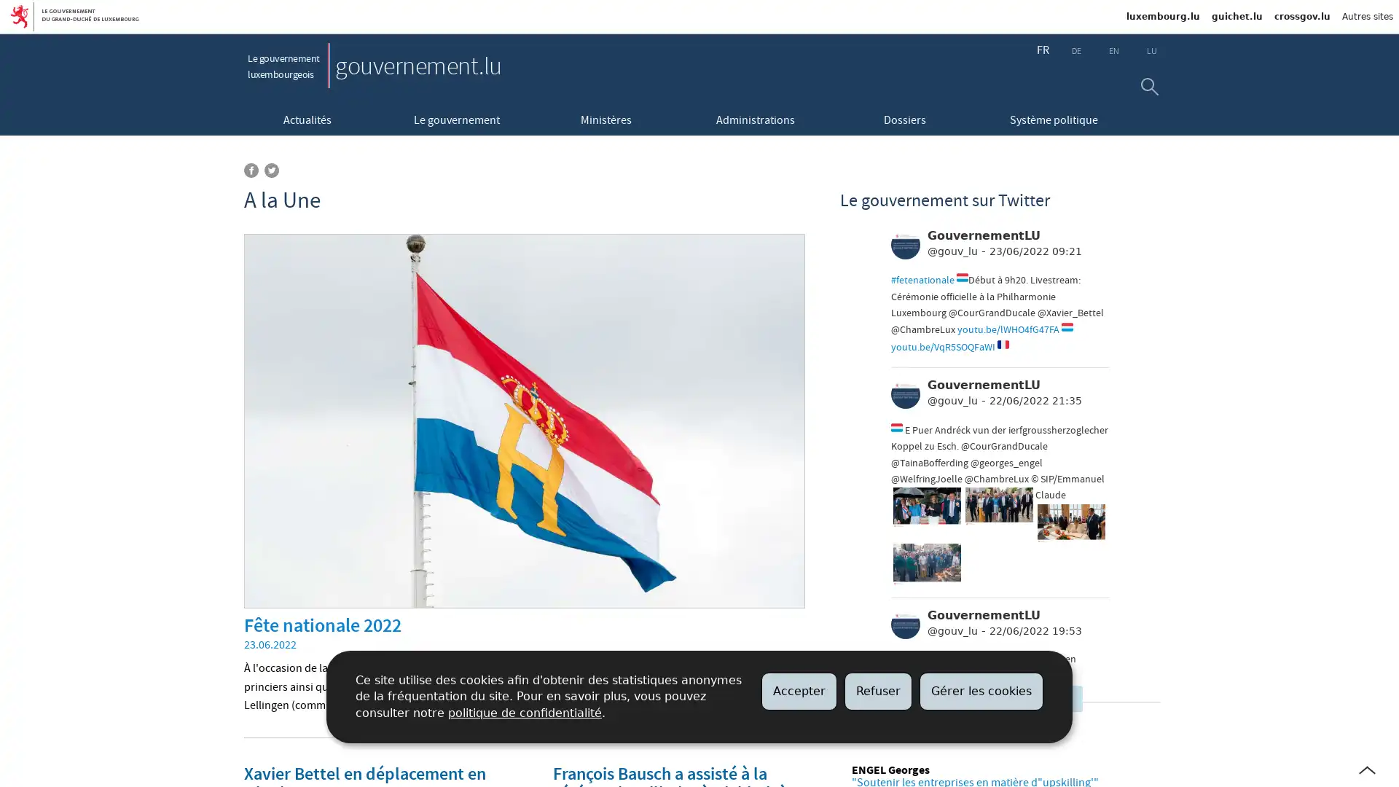  I want to click on Gerer les cookies, so click(981, 690).